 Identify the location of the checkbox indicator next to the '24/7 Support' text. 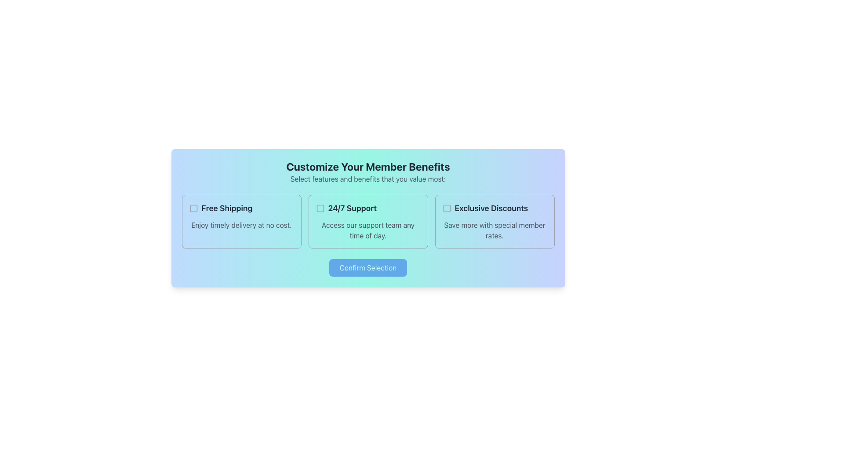
(320, 208).